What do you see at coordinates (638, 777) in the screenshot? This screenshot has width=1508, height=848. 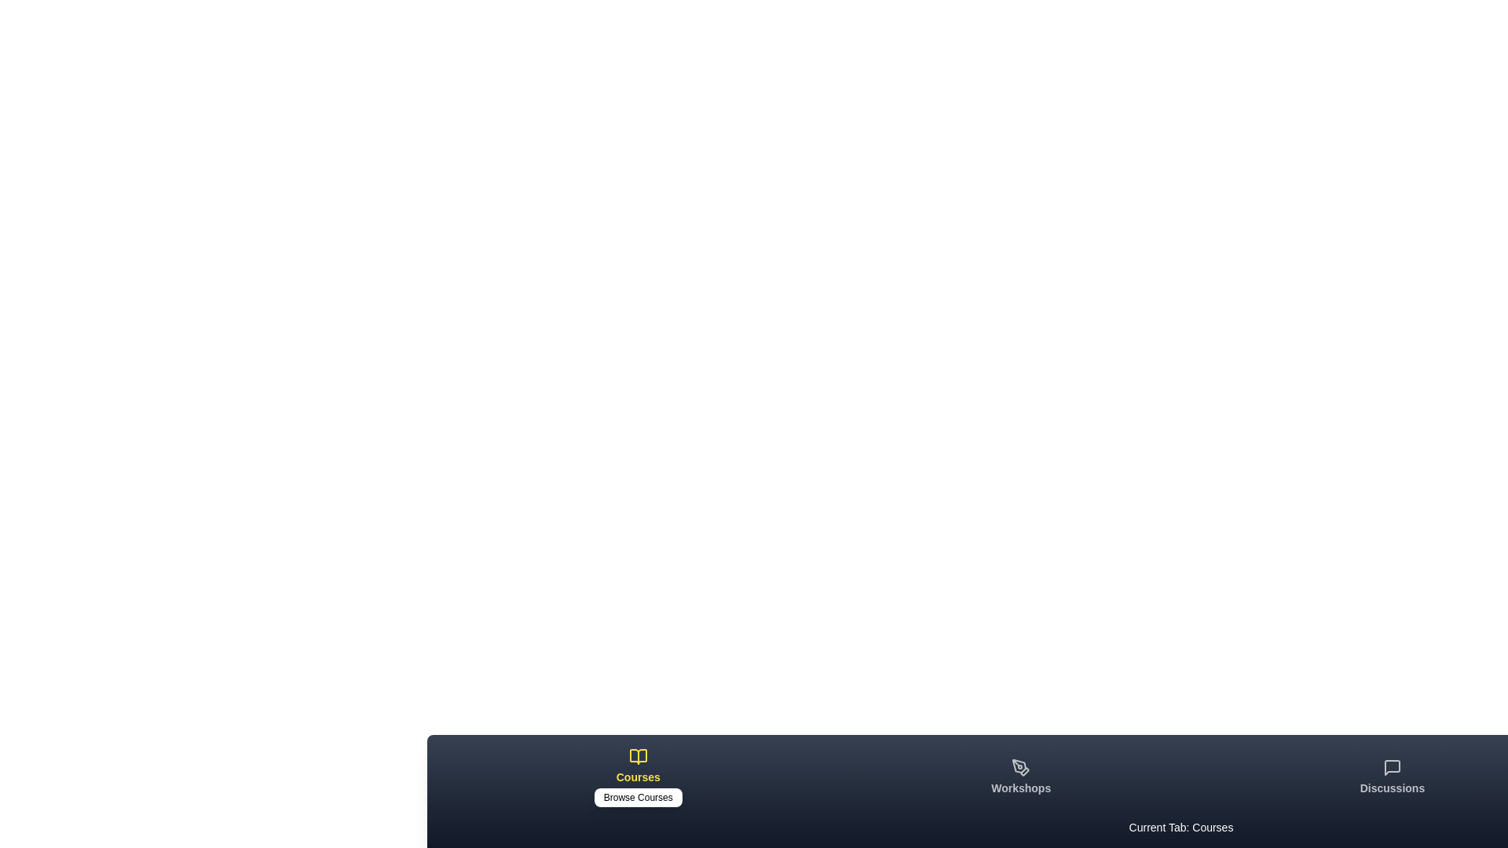 I see `the tab labeled Courses by clicking on its icon or label` at bounding box center [638, 777].